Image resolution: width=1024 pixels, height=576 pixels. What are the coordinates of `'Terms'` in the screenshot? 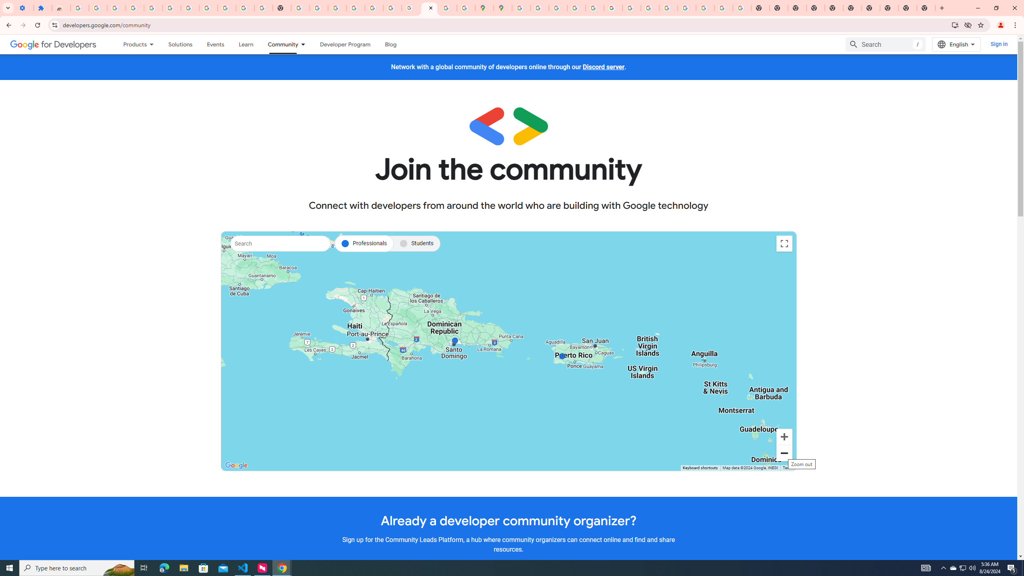 It's located at (787, 468).